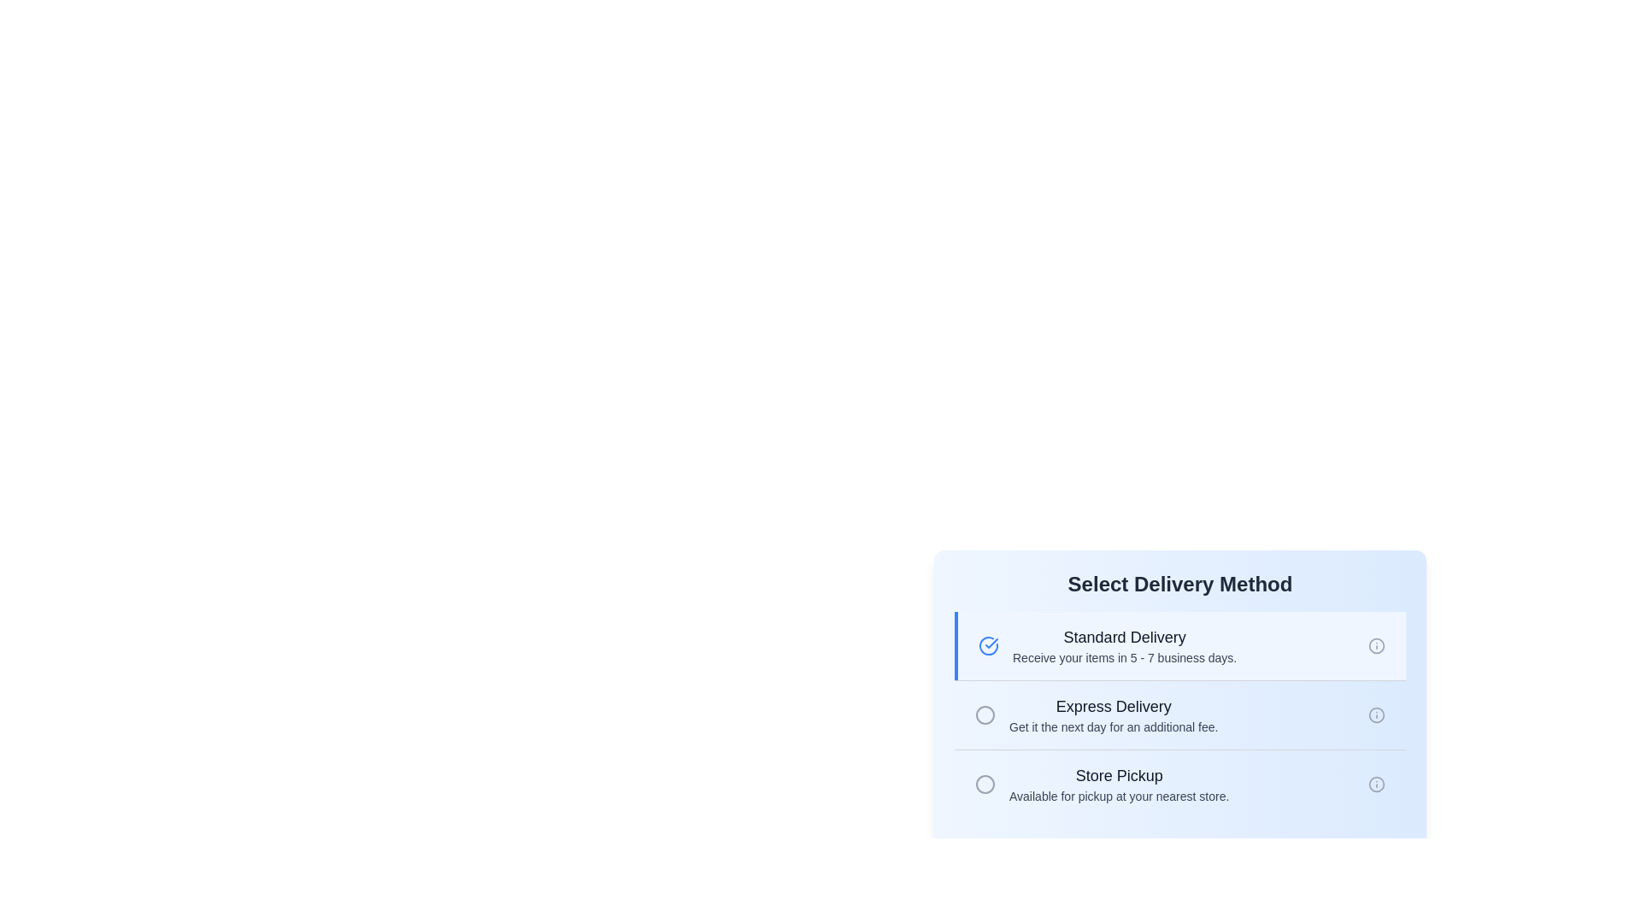 The height and width of the screenshot is (923, 1641). I want to click on the circular graphical icon component with a gray-toned border, located at the far right of the 'Express Delivery' option in the 'Select Delivery Method' list, so click(1377, 715).